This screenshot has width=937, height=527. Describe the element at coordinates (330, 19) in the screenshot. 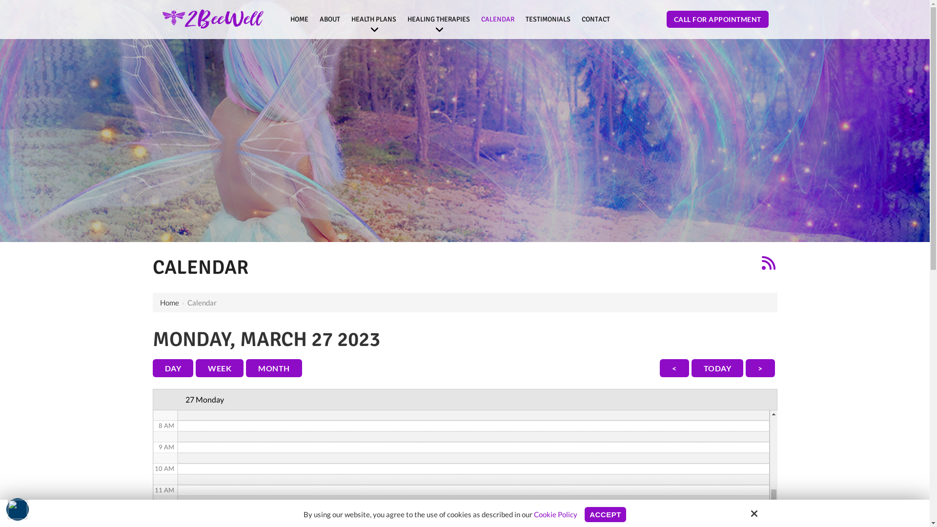

I see `'ABOUT'` at that location.